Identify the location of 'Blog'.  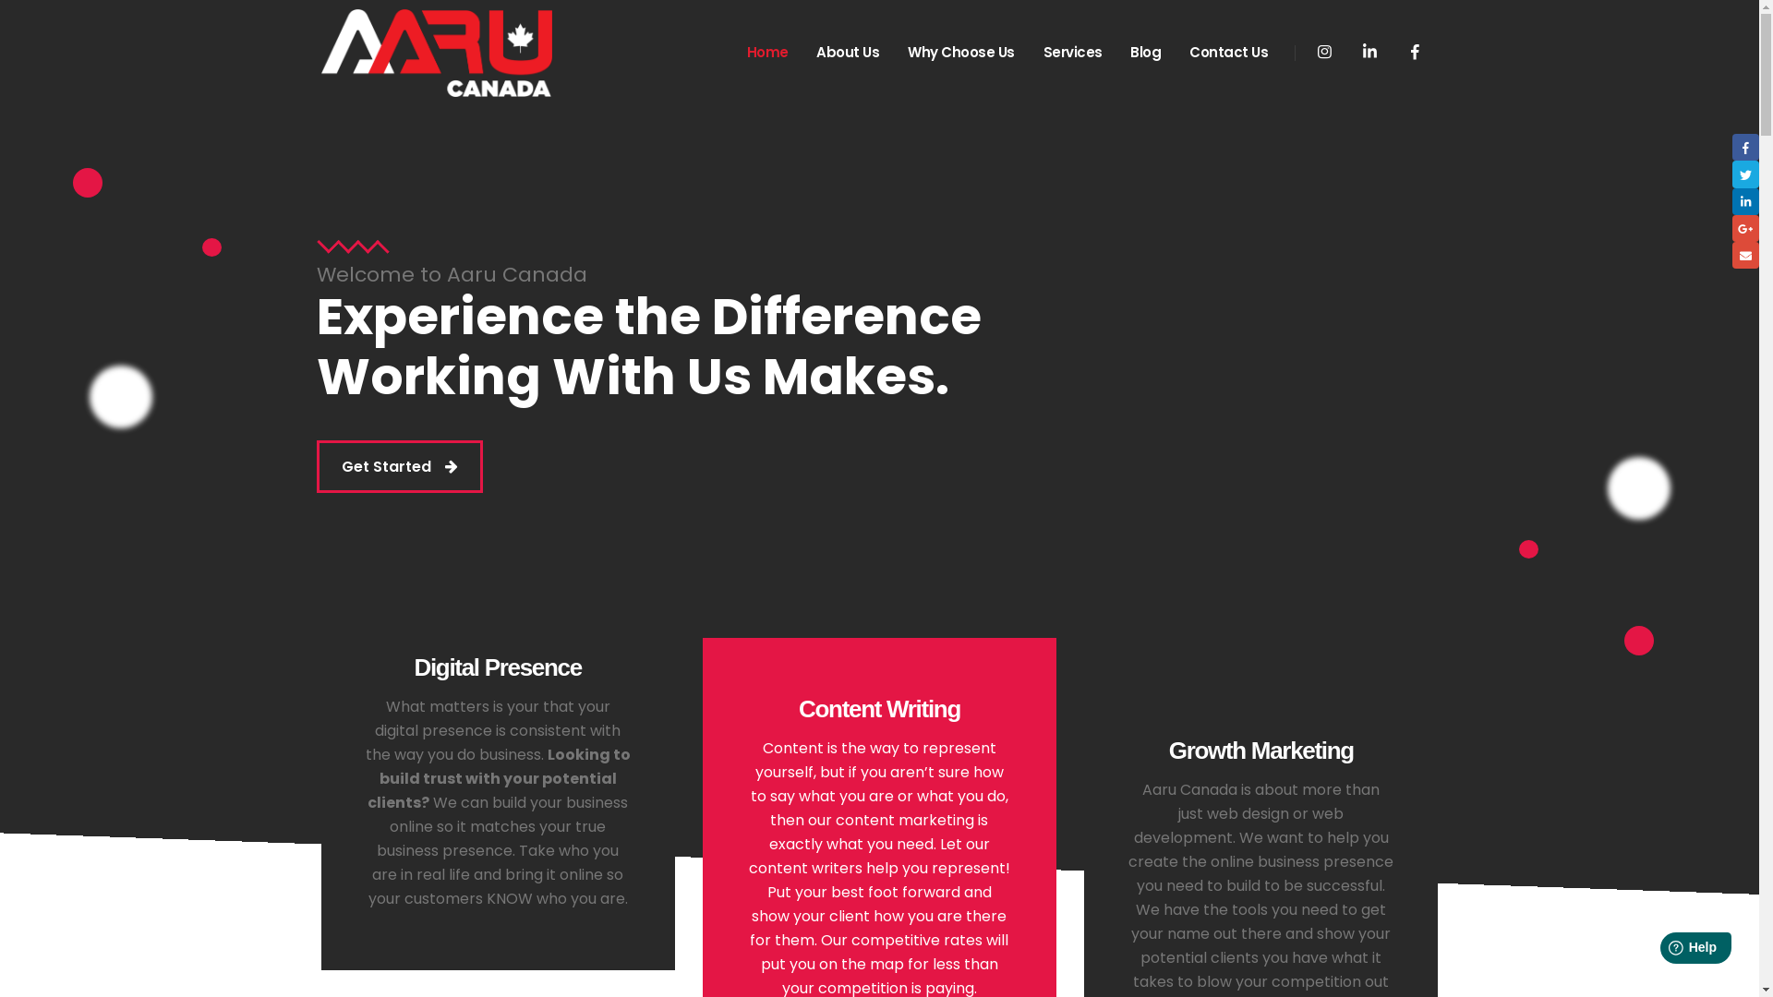
(1145, 52).